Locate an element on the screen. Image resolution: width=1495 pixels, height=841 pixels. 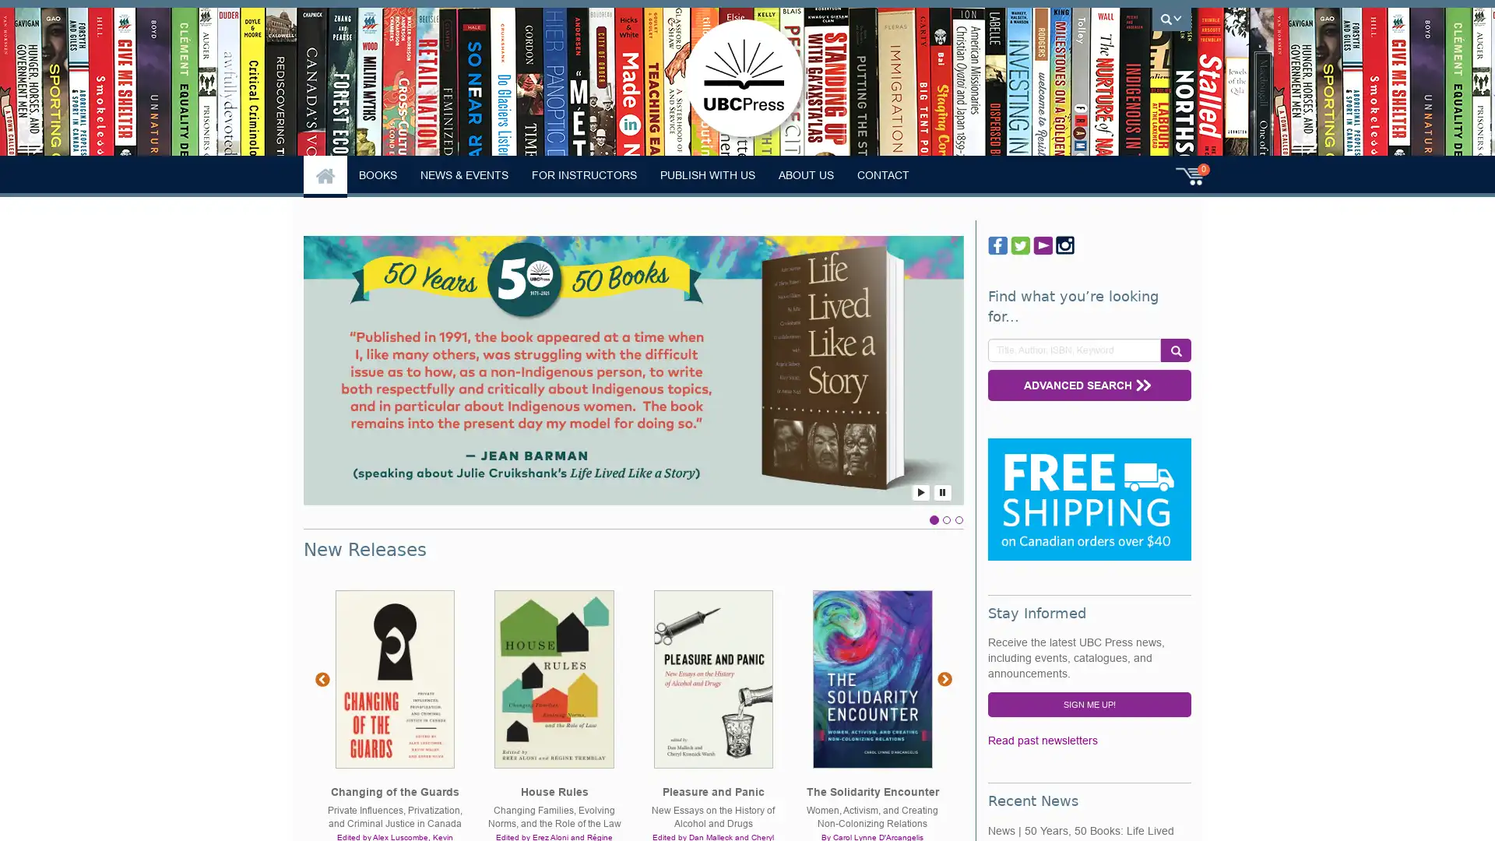
PUBLISH WITH US is located at coordinates (706, 174).